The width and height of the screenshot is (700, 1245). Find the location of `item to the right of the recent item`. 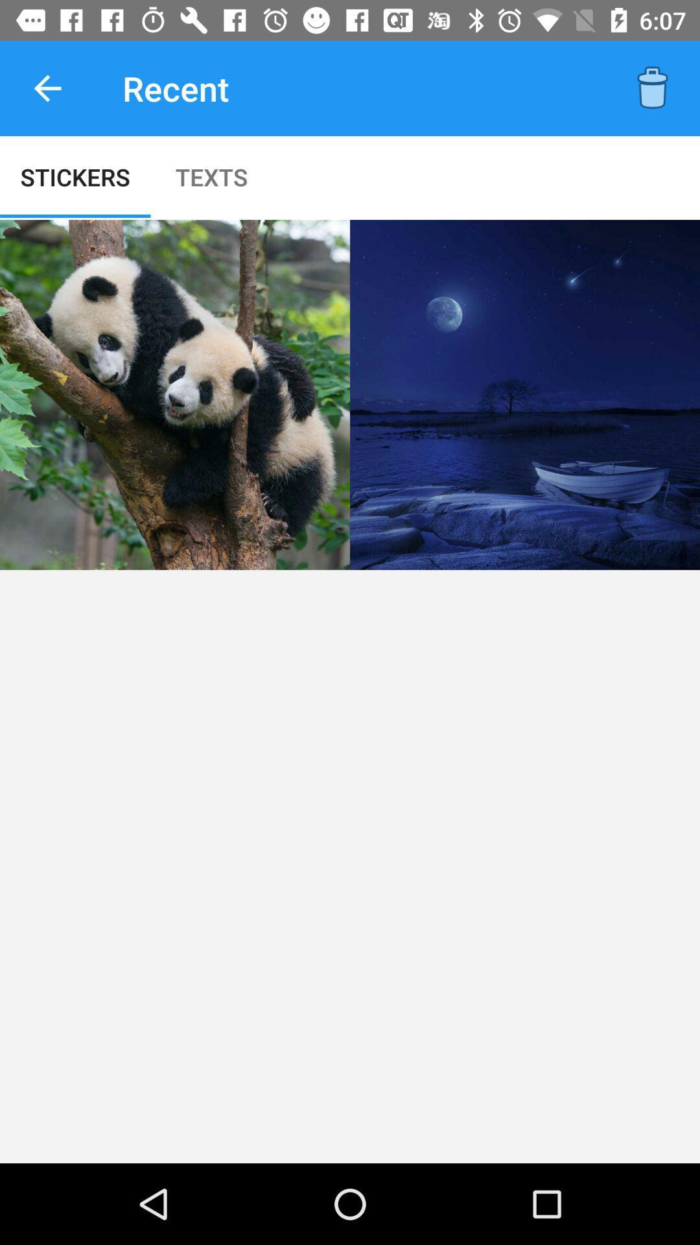

item to the right of the recent item is located at coordinates (652, 88).